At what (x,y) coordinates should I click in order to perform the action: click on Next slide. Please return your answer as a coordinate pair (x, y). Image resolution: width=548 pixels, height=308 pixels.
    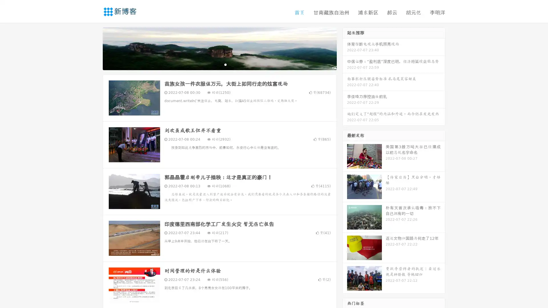
    Looking at the image, I should click on (345, 48).